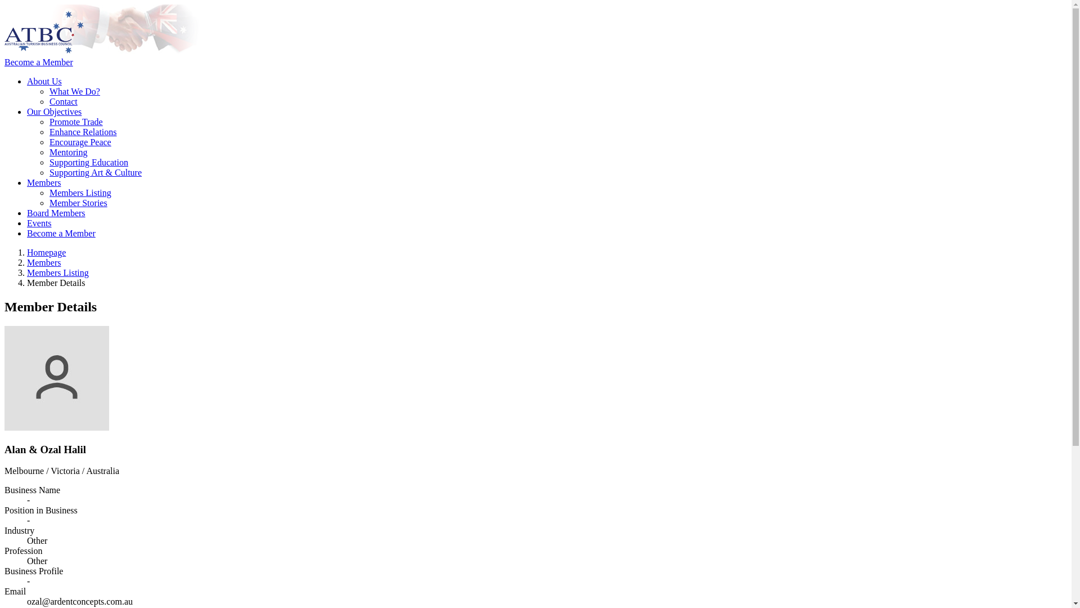 The height and width of the screenshot is (608, 1080). What do you see at coordinates (48, 131) in the screenshot?
I see `'Enhance Relations'` at bounding box center [48, 131].